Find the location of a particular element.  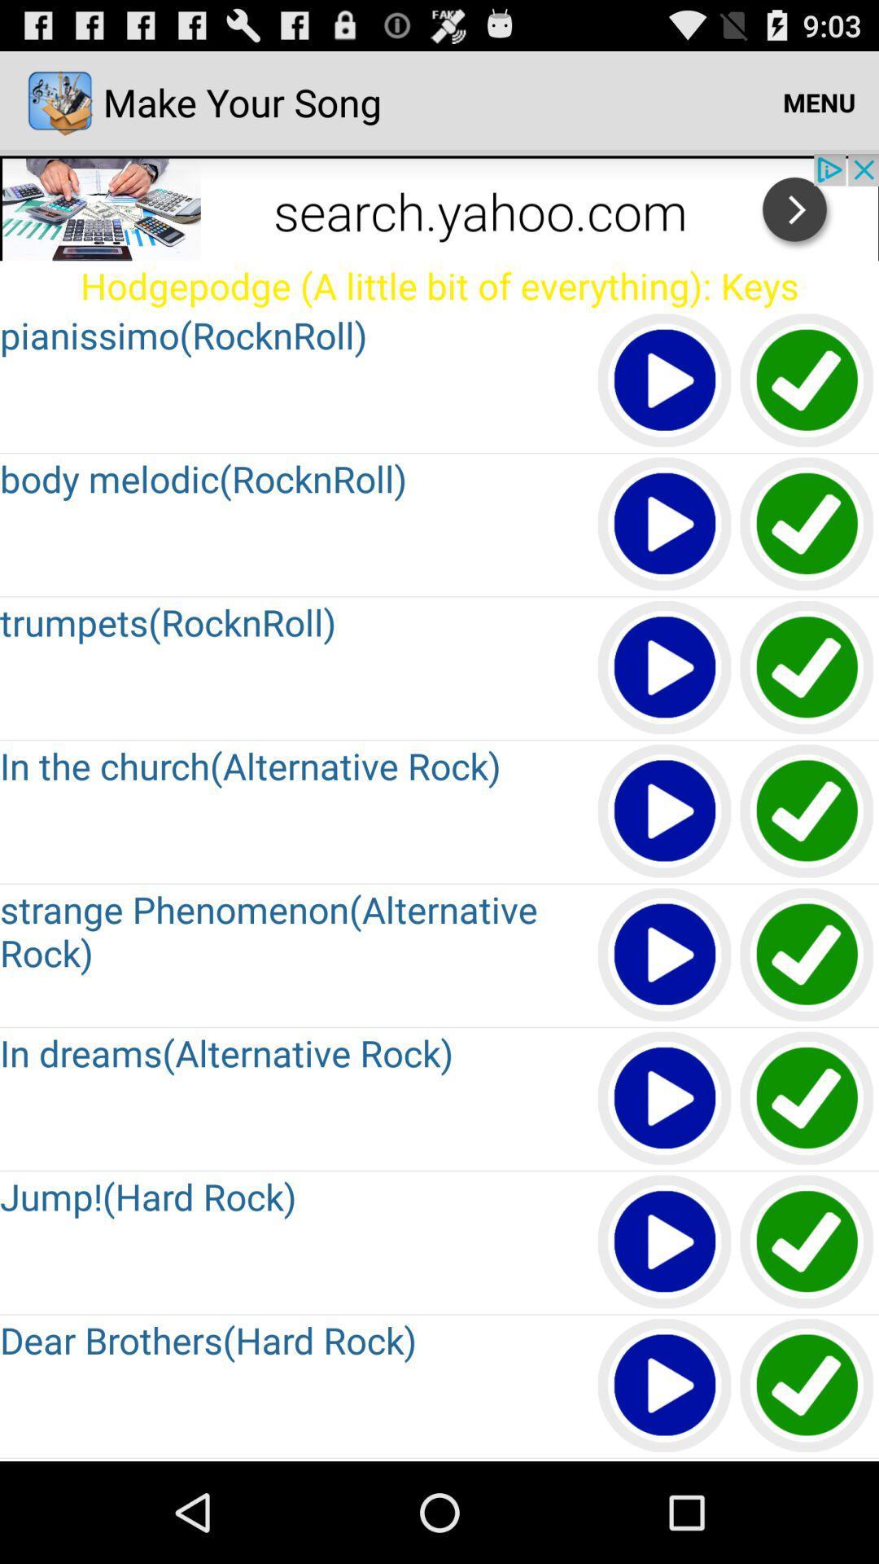

button is located at coordinates (665, 956).